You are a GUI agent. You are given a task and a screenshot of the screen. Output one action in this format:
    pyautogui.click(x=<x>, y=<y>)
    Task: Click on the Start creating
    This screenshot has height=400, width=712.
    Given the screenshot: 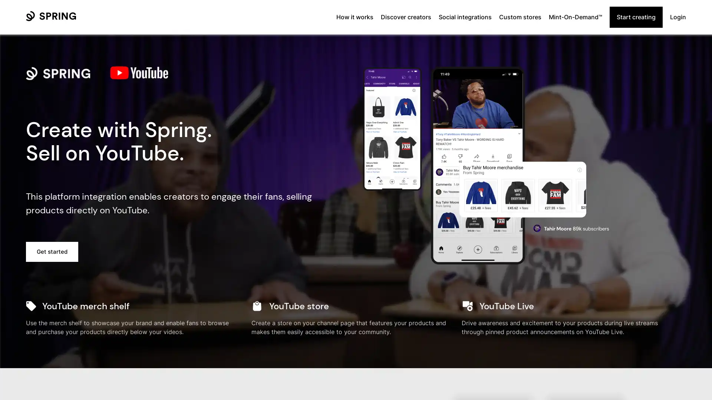 What is the action you would take?
    pyautogui.click(x=636, y=17)
    